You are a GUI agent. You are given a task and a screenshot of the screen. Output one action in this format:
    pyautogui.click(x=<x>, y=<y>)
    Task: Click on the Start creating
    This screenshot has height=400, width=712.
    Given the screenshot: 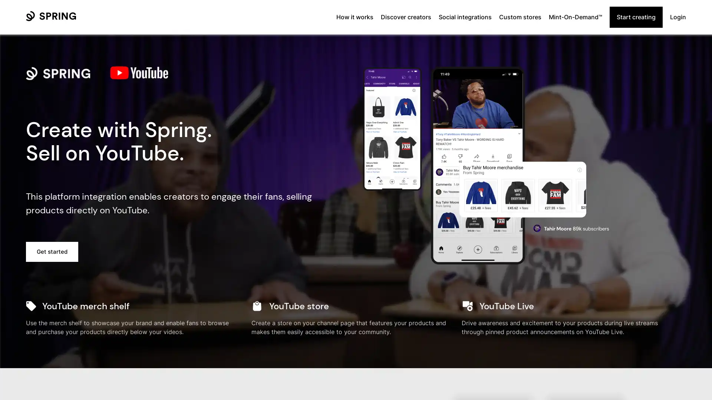 What is the action you would take?
    pyautogui.click(x=636, y=17)
    